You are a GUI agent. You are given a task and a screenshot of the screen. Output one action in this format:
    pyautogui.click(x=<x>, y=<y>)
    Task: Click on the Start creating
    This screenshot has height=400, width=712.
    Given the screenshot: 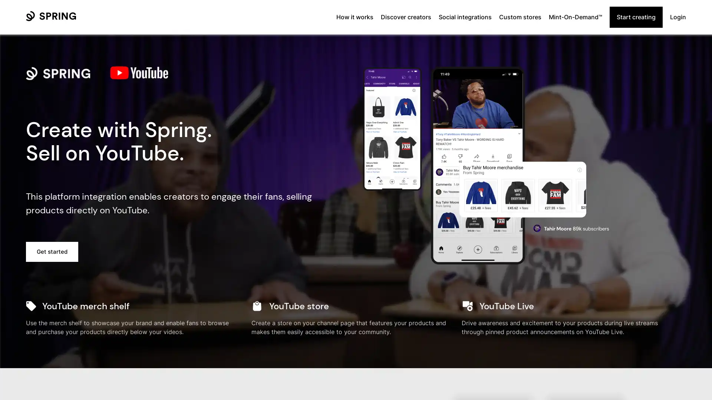 What is the action you would take?
    pyautogui.click(x=636, y=17)
    